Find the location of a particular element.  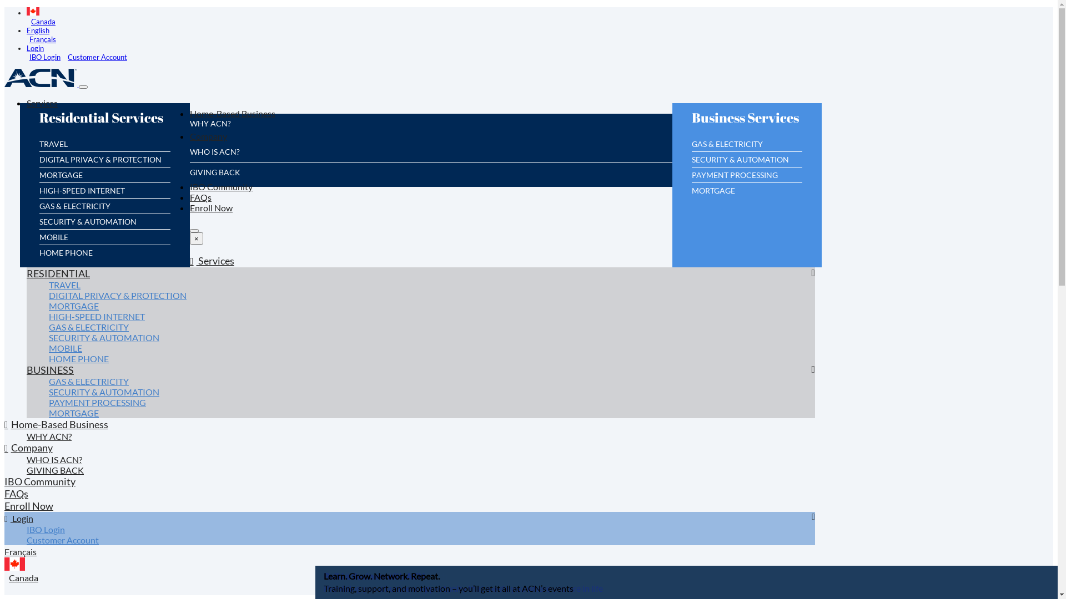

'IBO Login' is located at coordinates (45, 532).